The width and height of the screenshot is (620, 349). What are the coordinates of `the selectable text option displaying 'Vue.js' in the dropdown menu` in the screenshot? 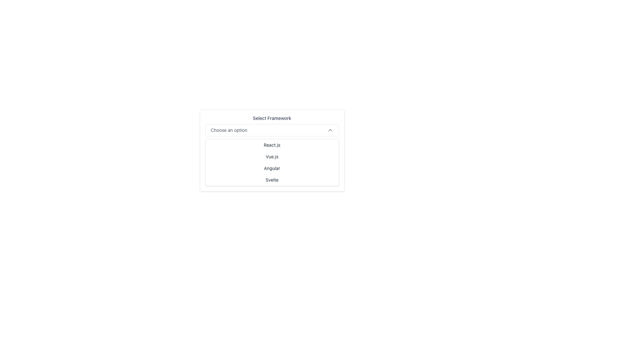 It's located at (272, 157).